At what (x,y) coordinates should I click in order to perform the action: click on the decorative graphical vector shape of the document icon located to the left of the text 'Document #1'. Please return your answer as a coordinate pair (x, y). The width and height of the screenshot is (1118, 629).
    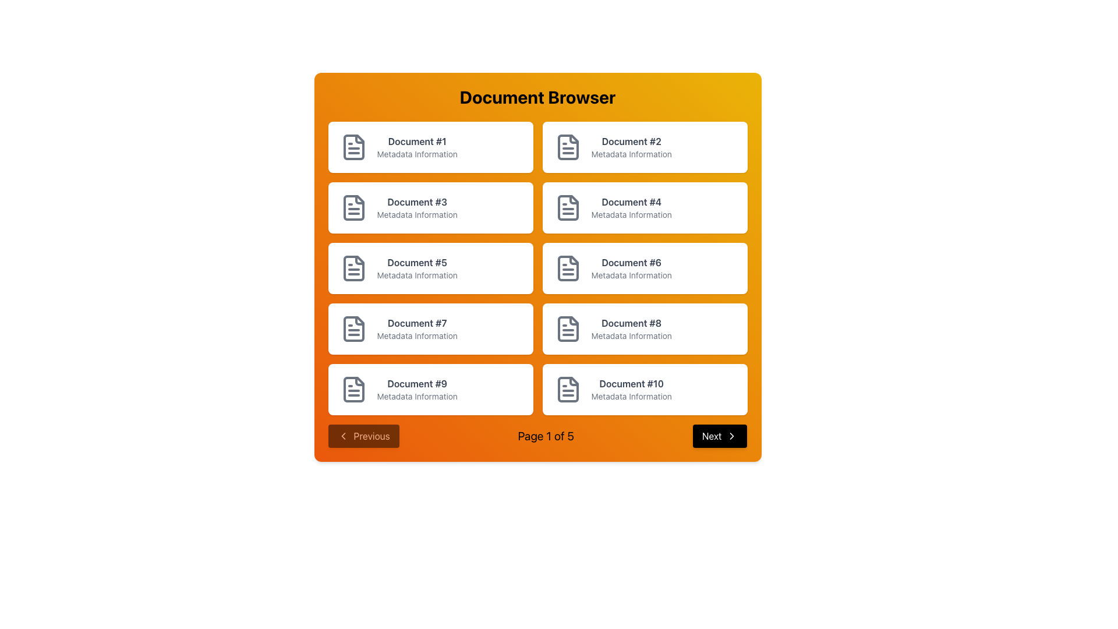
    Looking at the image, I should click on (359, 139).